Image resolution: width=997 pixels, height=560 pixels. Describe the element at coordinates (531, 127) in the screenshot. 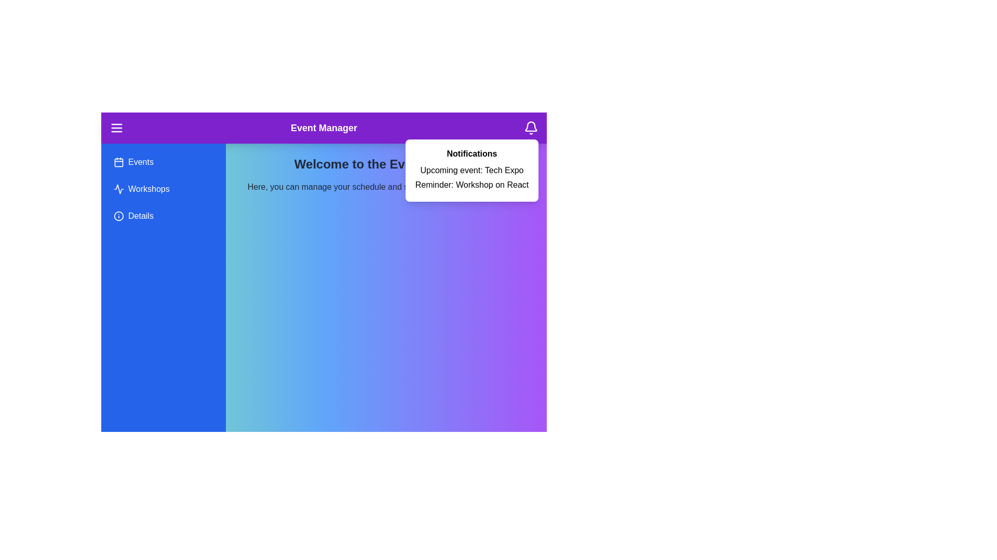

I see `the notification bell icon to toggle the visibility of notifications` at that location.